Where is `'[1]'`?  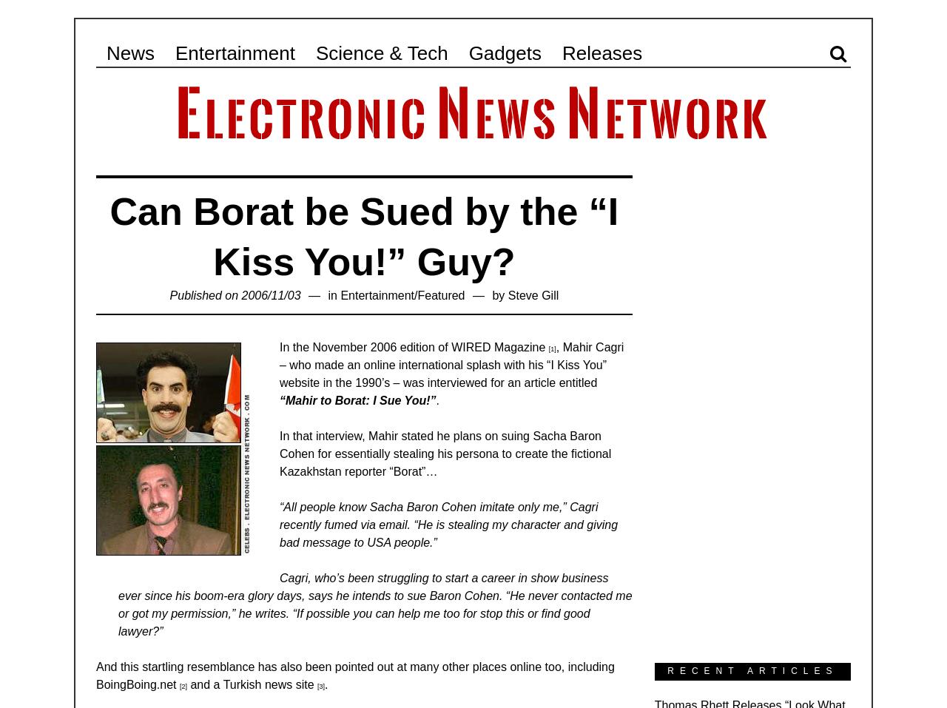
'[1]' is located at coordinates (547, 348).